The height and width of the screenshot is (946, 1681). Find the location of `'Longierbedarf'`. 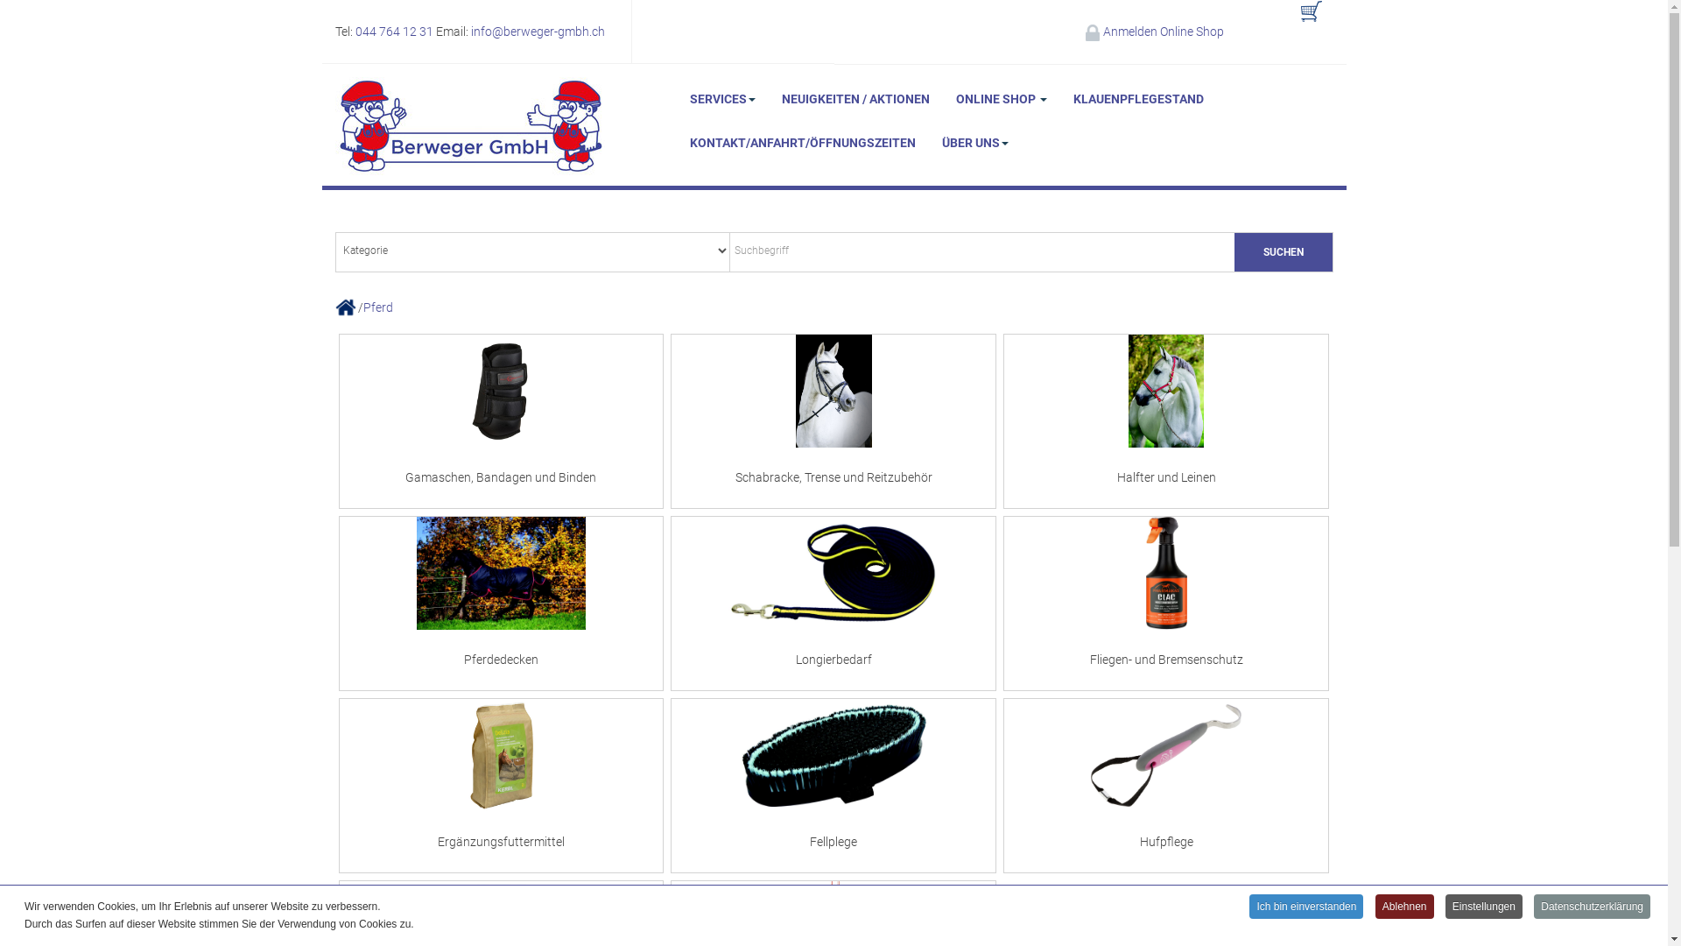

'Longierbedarf' is located at coordinates (832, 603).